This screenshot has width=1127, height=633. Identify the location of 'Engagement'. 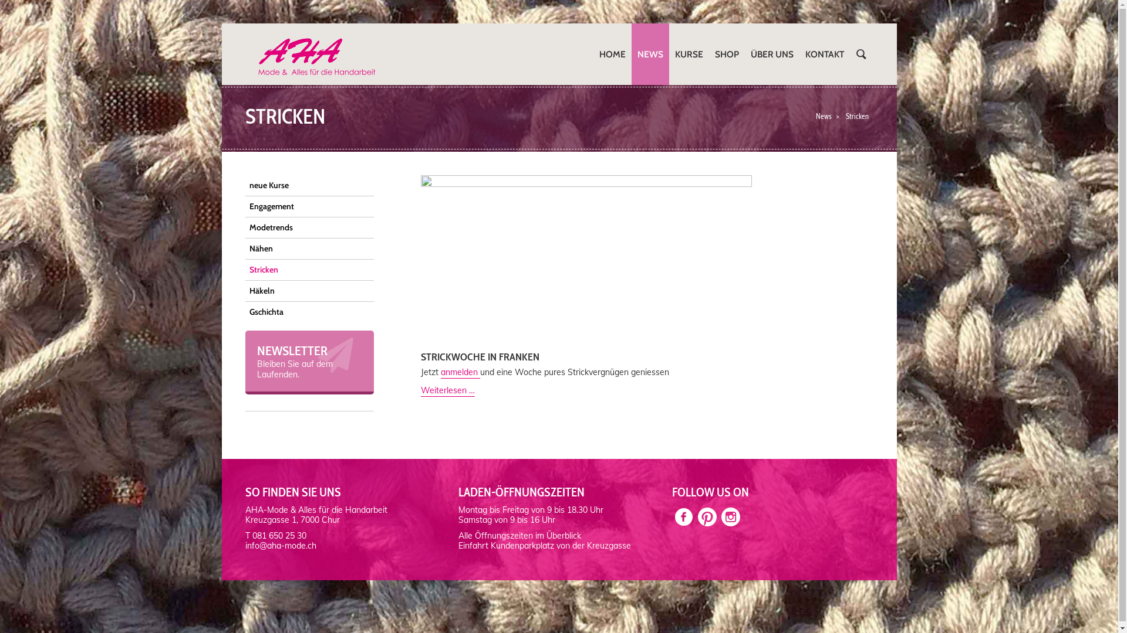
(309, 206).